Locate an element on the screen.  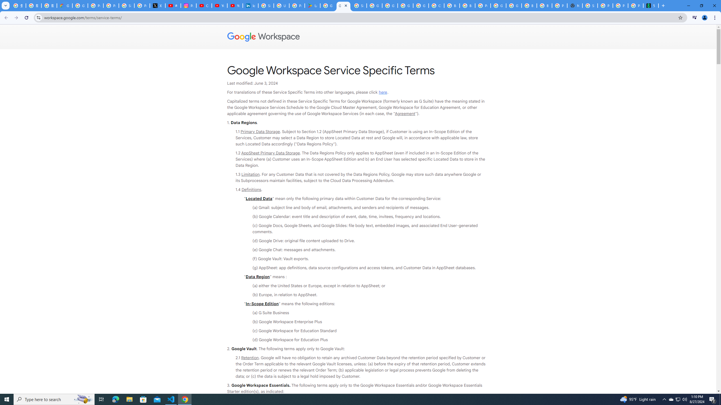
'Browse Chrome as a guest - Computer - Google Chrome Help' is located at coordinates (529, 5).